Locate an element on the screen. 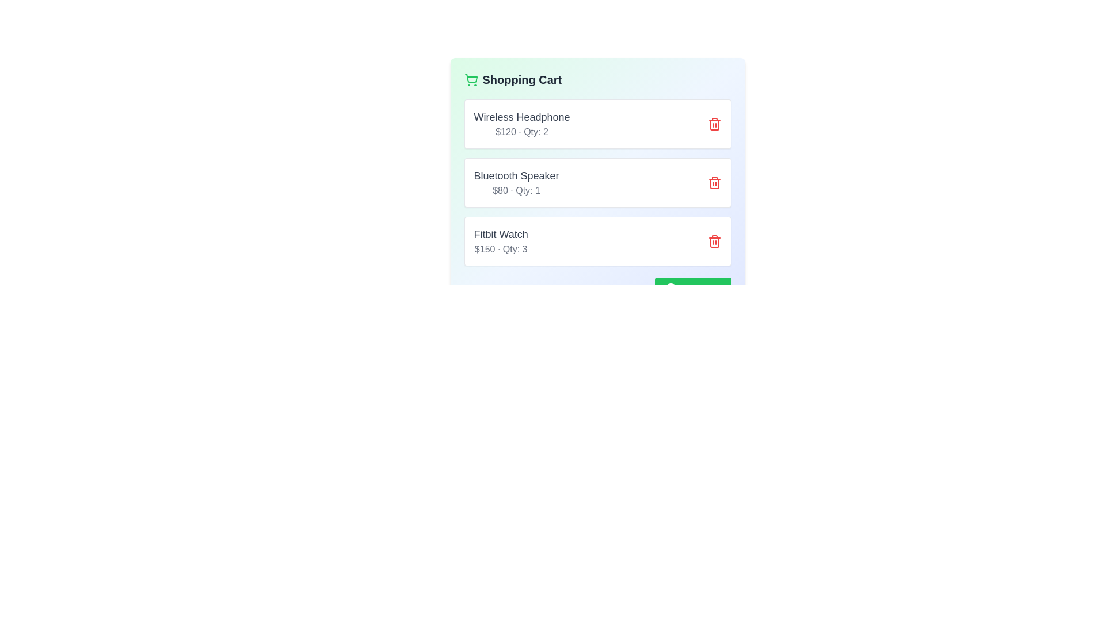 Image resolution: width=1105 pixels, height=621 pixels. delete button next to the item Wireless Headphone to remove it from the cart is located at coordinates (714, 124).